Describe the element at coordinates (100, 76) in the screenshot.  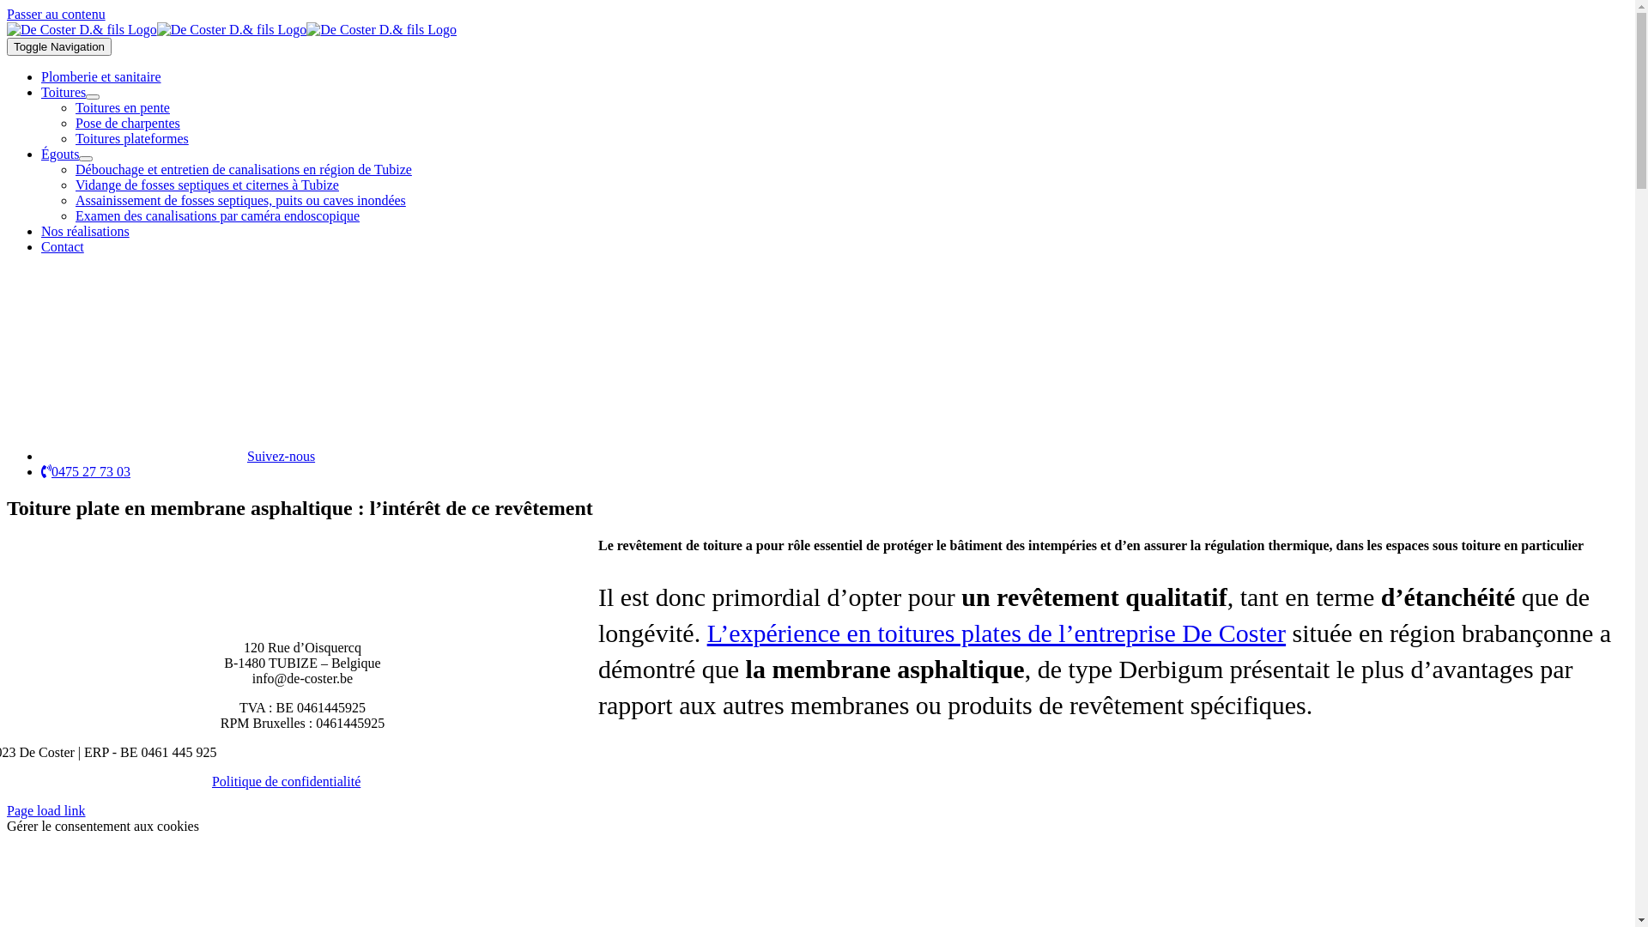
I see `'Plomberie et sanitaire'` at that location.